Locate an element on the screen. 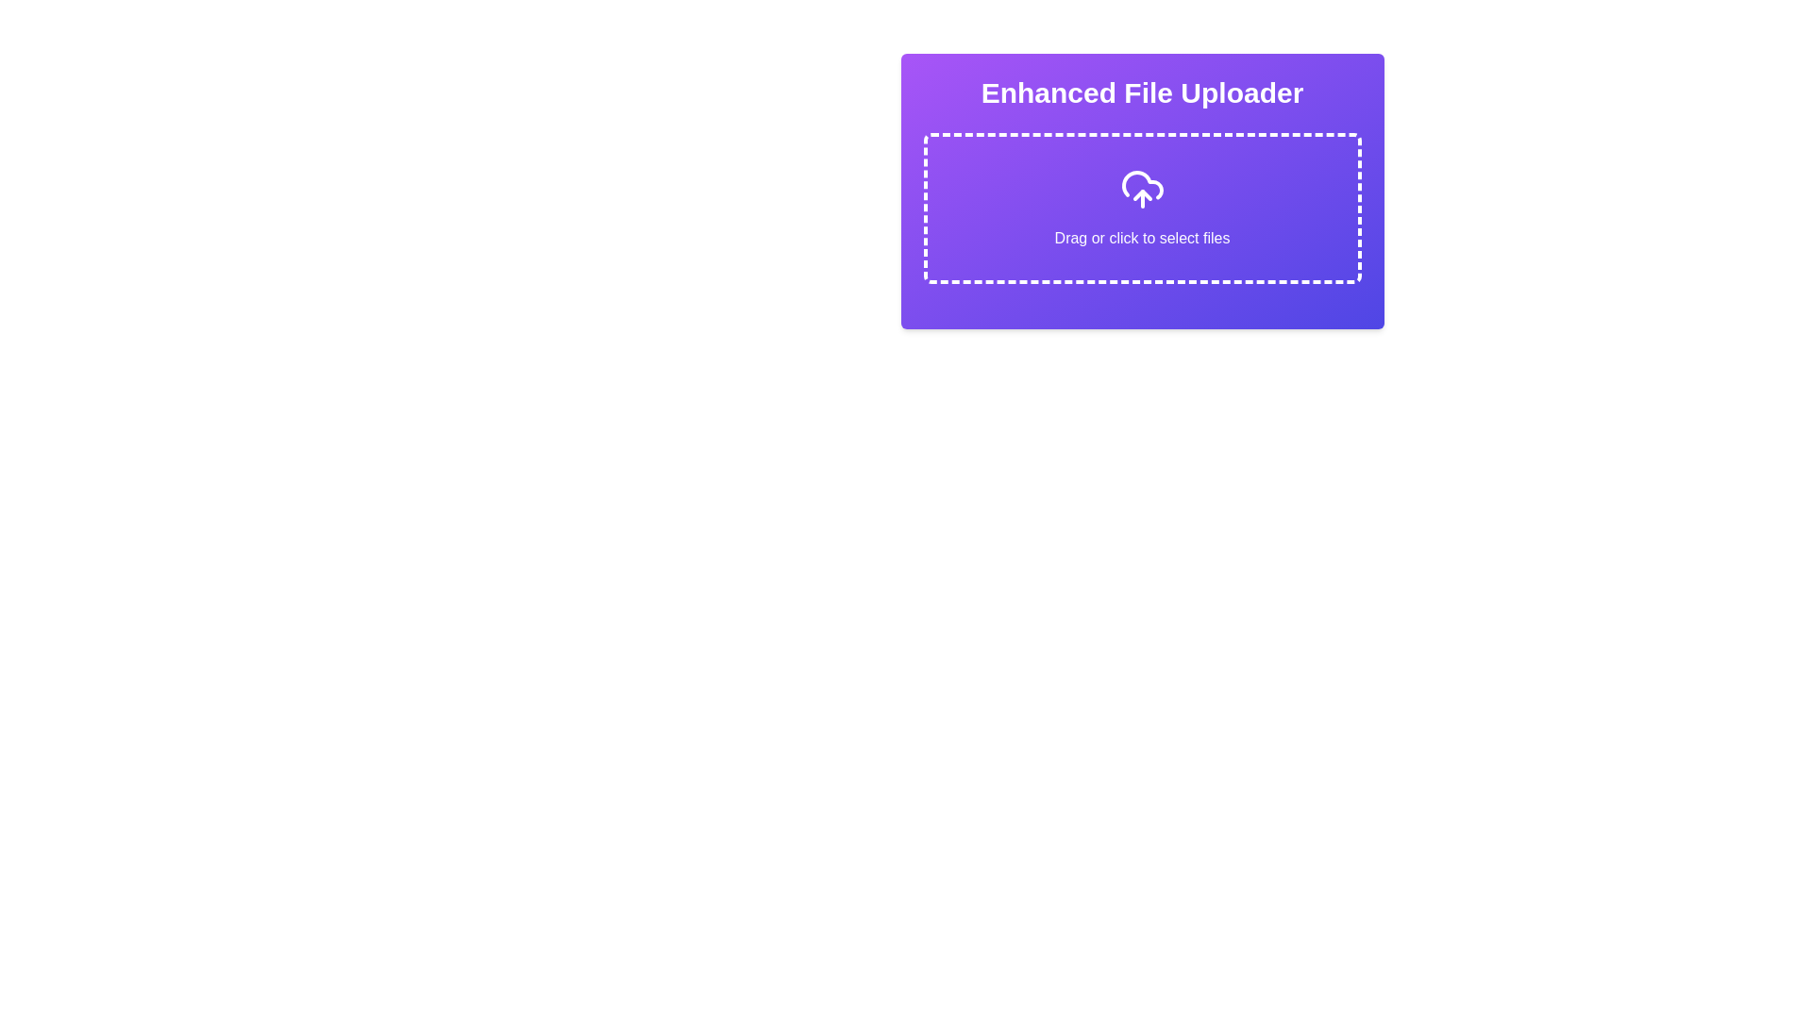 This screenshot has height=1019, width=1812. the title text 'Enhanced File Uploader', which is bold, large, and white, centered within its purple gradient background is located at coordinates (1141, 93).